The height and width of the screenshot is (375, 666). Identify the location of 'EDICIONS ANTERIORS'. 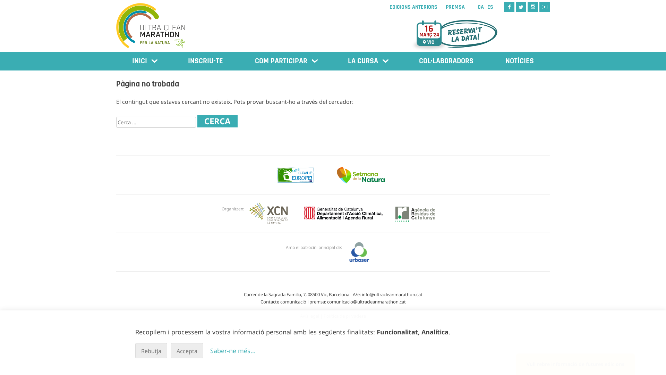
(386, 7).